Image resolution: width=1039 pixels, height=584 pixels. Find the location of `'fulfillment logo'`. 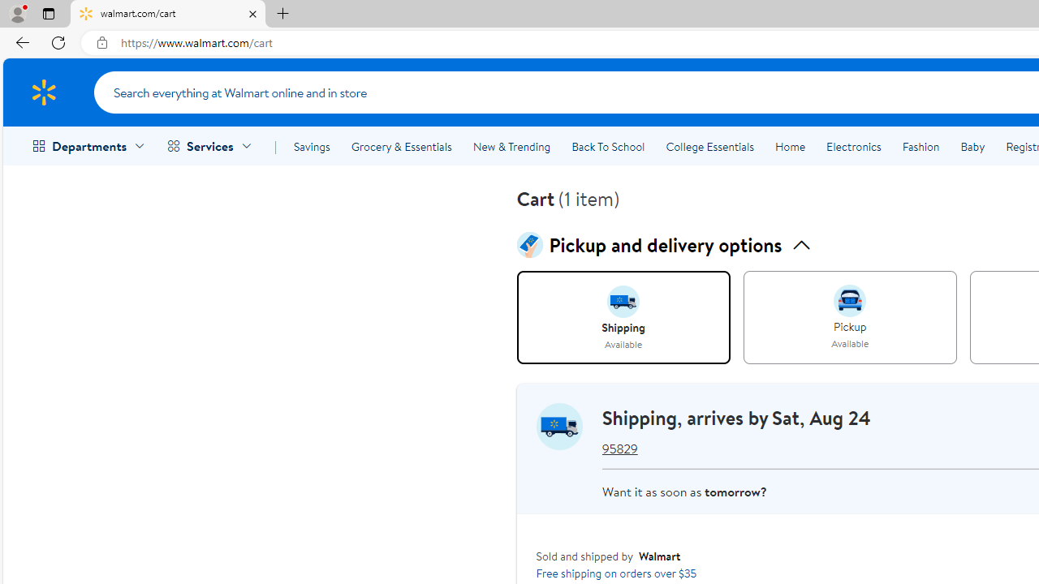

'fulfillment logo' is located at coordinates (559, 425).